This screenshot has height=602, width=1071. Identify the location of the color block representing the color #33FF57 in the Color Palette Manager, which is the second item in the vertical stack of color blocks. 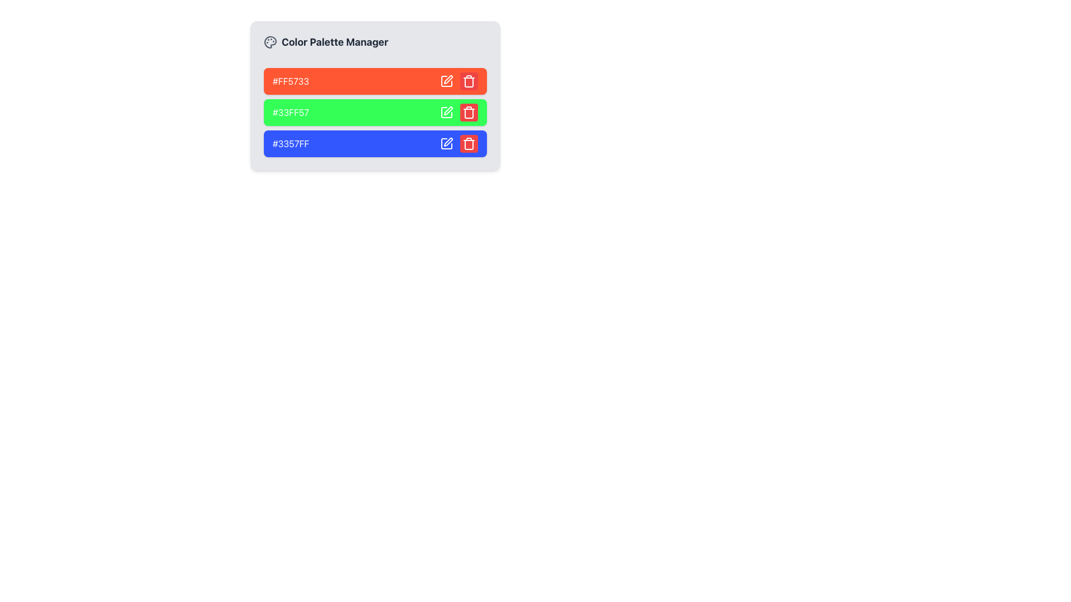
(375, 112).